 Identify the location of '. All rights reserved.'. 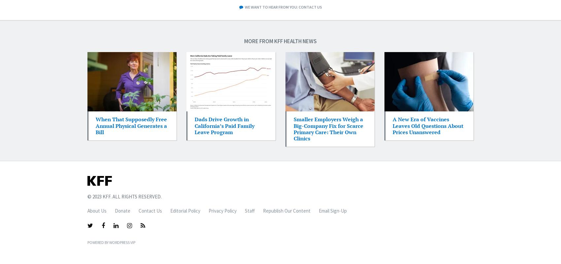
(136, 196).